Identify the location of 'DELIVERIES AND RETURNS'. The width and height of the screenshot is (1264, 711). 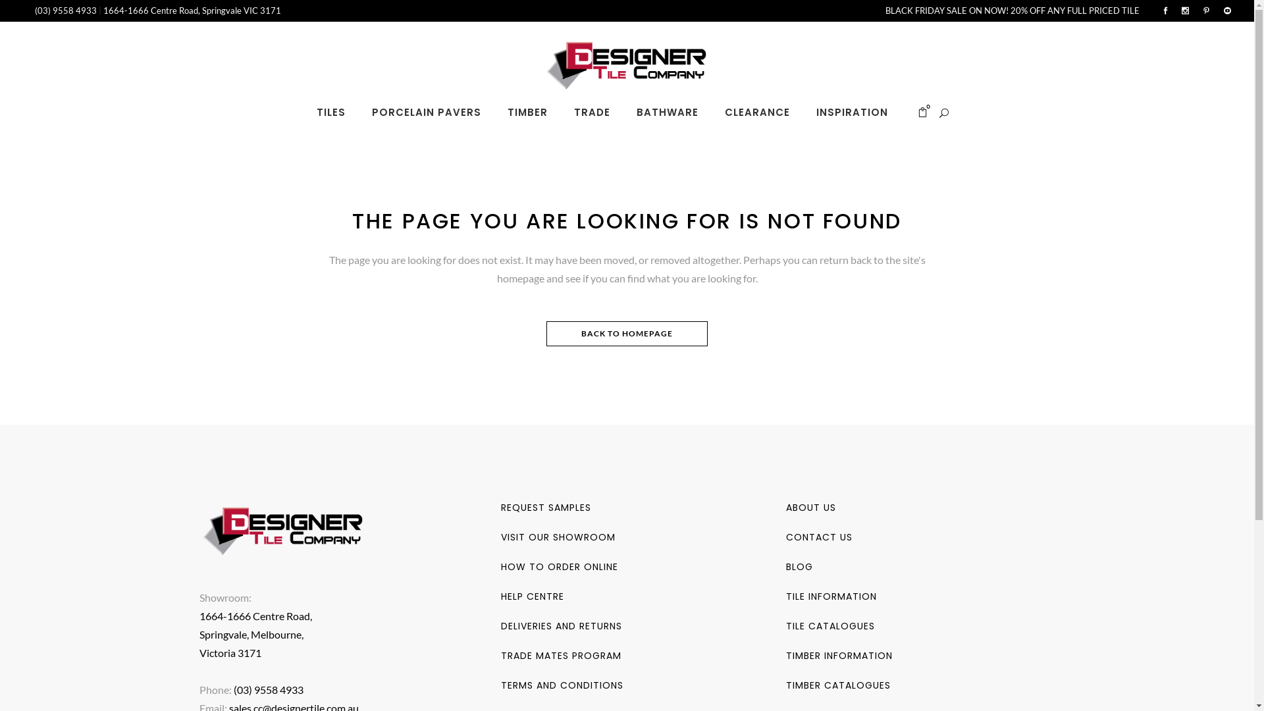
(562, 625).